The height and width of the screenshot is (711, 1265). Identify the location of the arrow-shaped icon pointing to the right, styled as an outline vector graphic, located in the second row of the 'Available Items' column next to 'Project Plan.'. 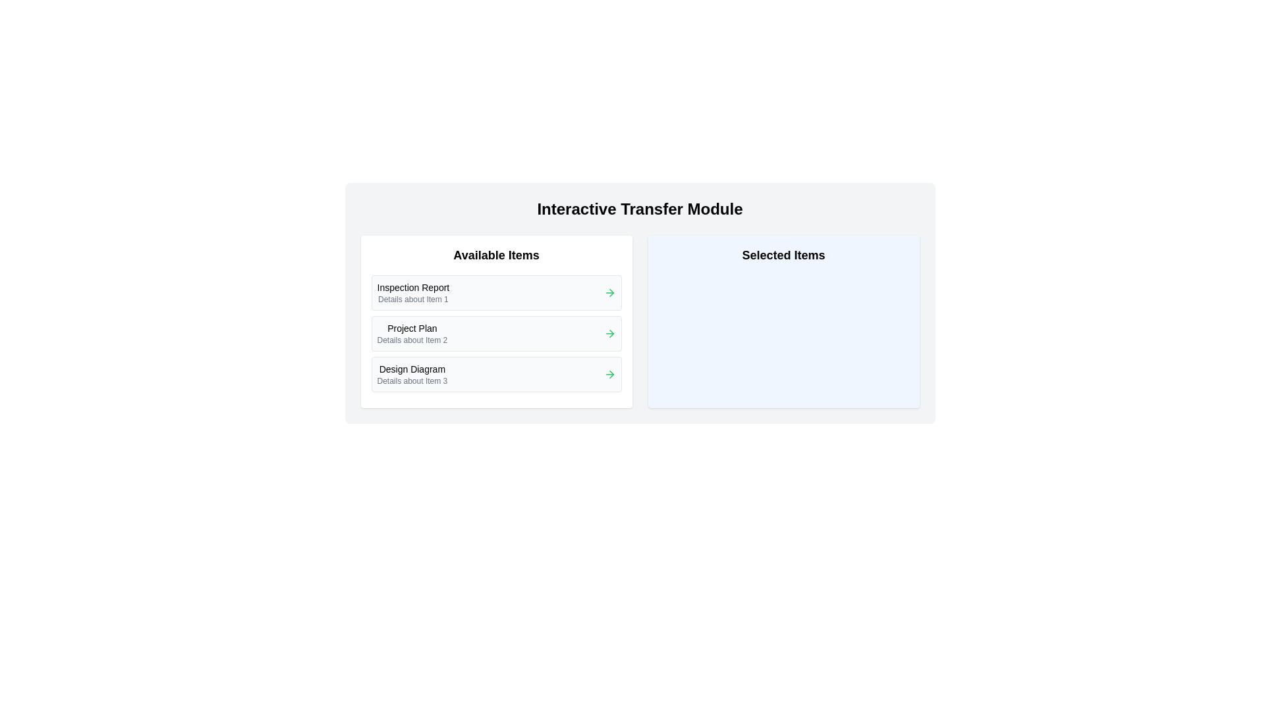
(611, 292).